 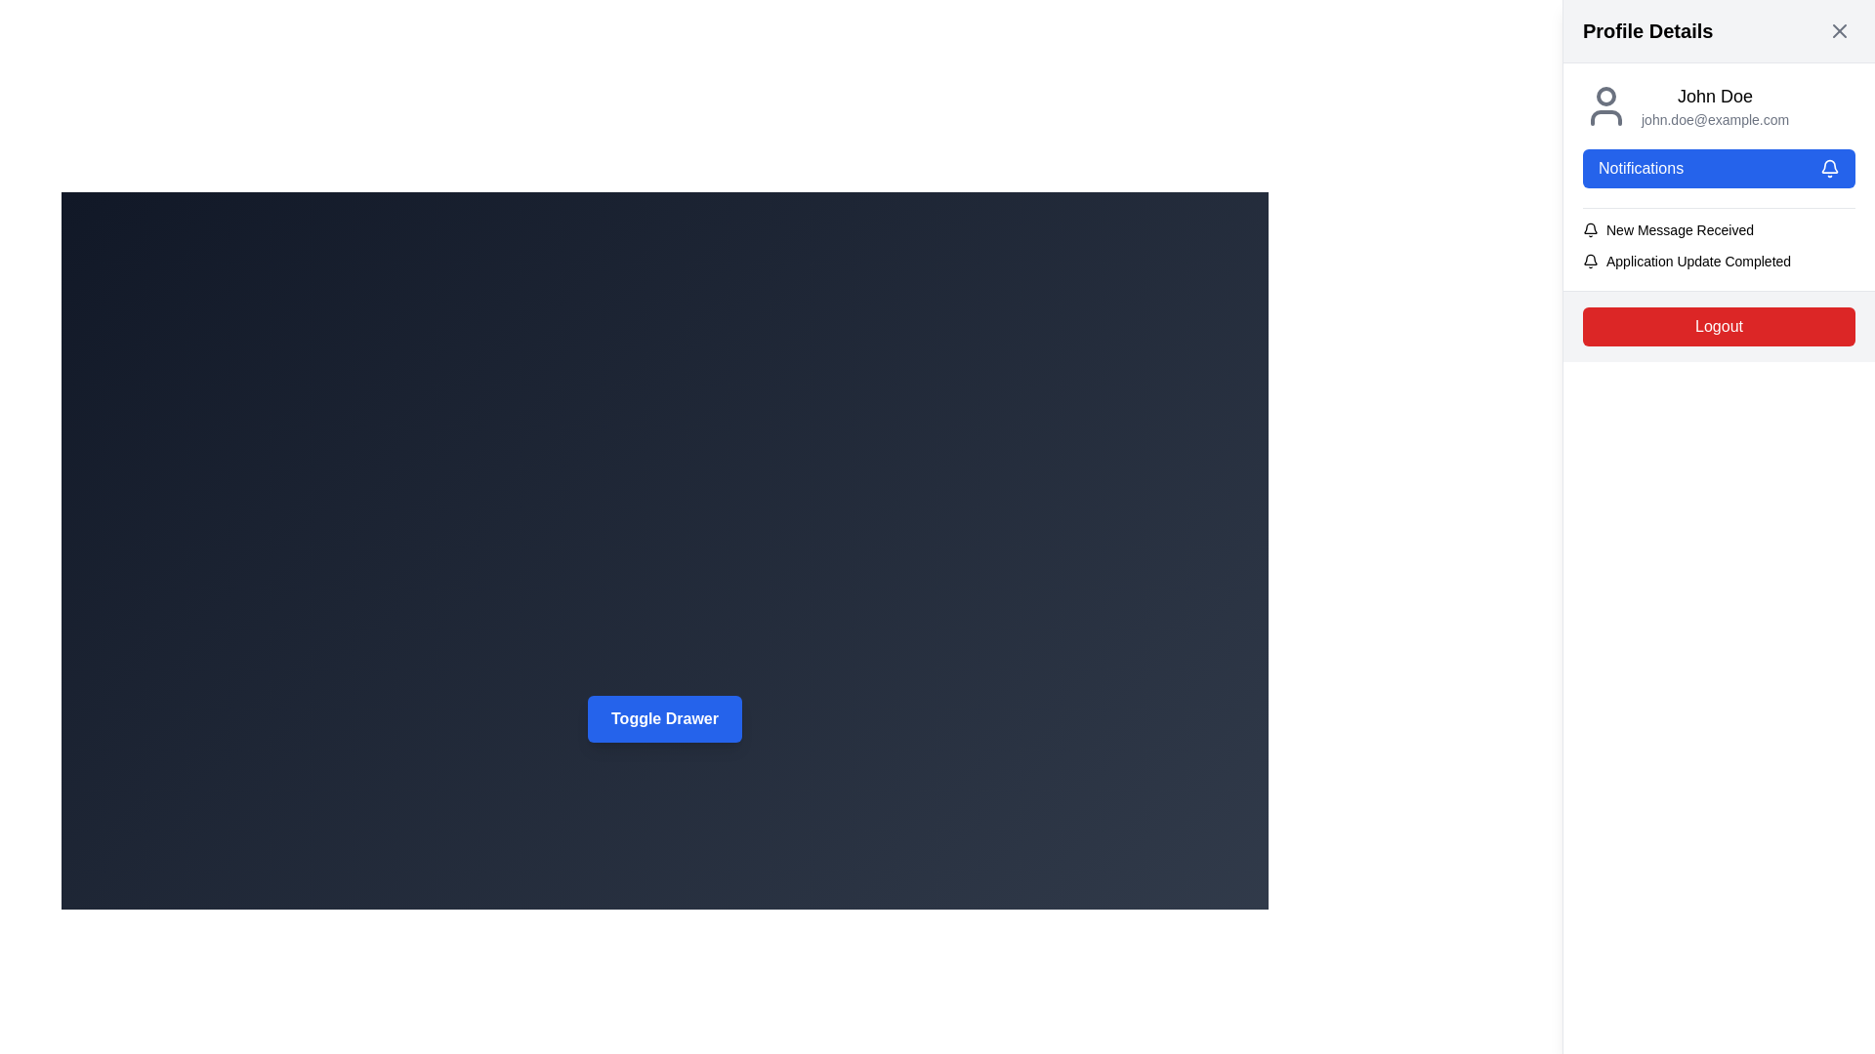 What do you see at coordinates (1714, 120) in the screenshot?
I see `email address displayed in the text label located in the top-right corner of the interface, within the 'Profile Details' section, following 'John Doe'` at bounding box center [1714, 120].